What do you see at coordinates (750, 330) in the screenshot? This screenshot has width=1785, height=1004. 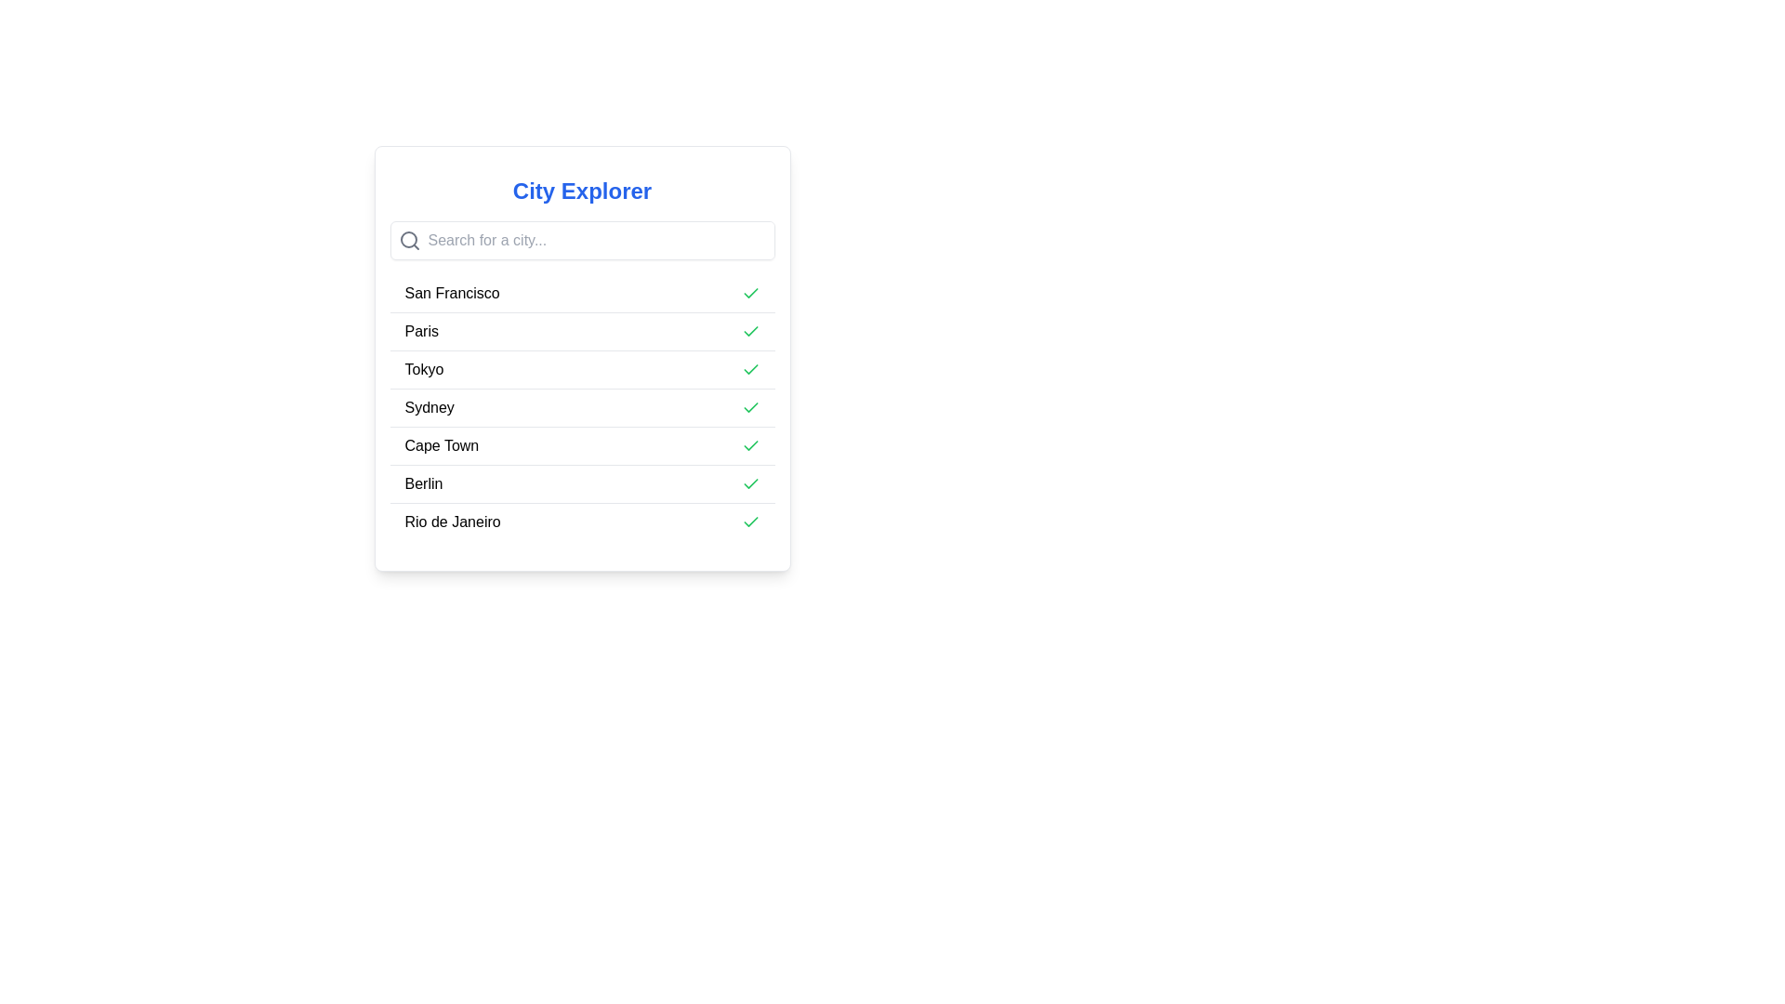 I see `the checkmark icon indicating the positive state for the selected item 'Paris' in the list` at bounding box center [750, 330].